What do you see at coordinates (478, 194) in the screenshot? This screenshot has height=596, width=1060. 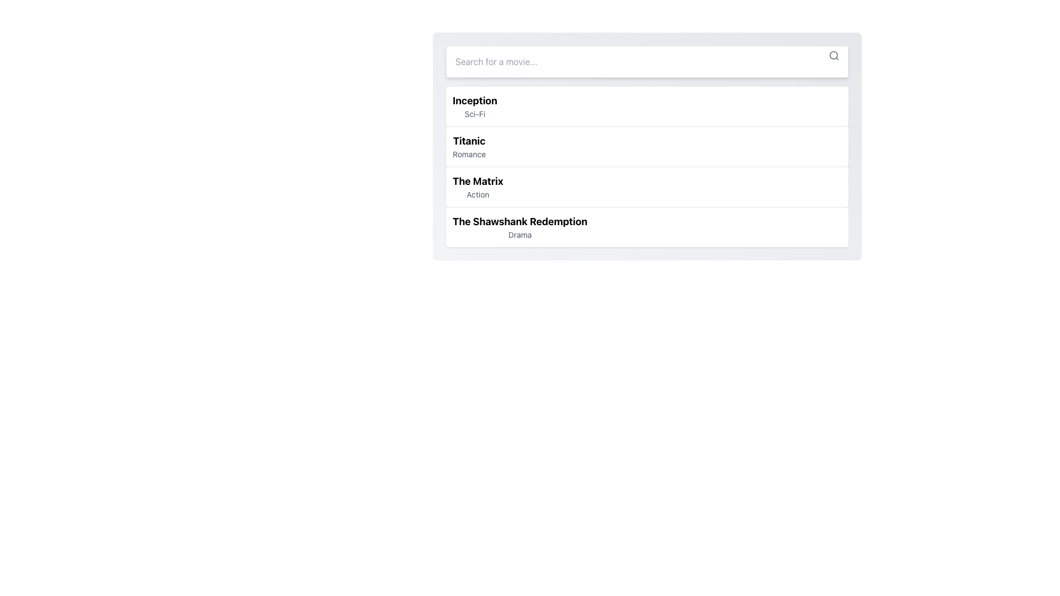 I see `the 'Action' text label, which is a small, gray-colored font element located directly below the bold text 'The Matrix' in the third movie entry` at bounding box center [478, 194].